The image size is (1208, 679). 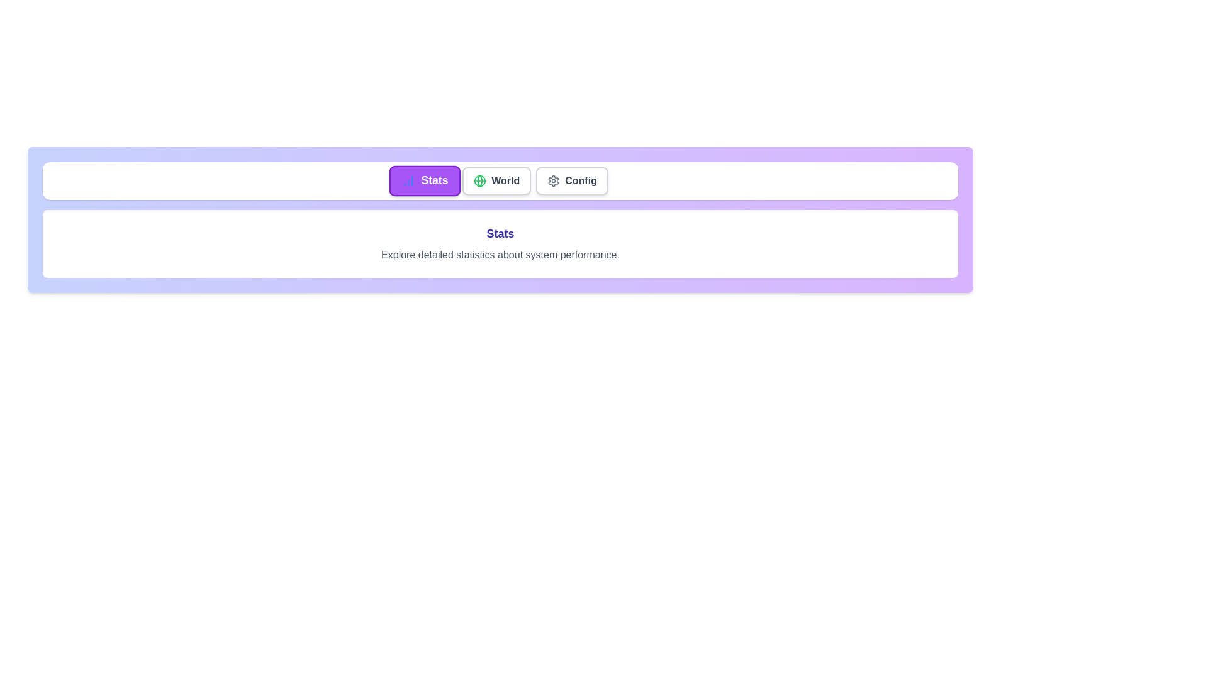 What do you see at coordinates (496, 181) in the screenshot?
I see `the tab labeled World to view its detailed description` at bounding box center [496, 181].